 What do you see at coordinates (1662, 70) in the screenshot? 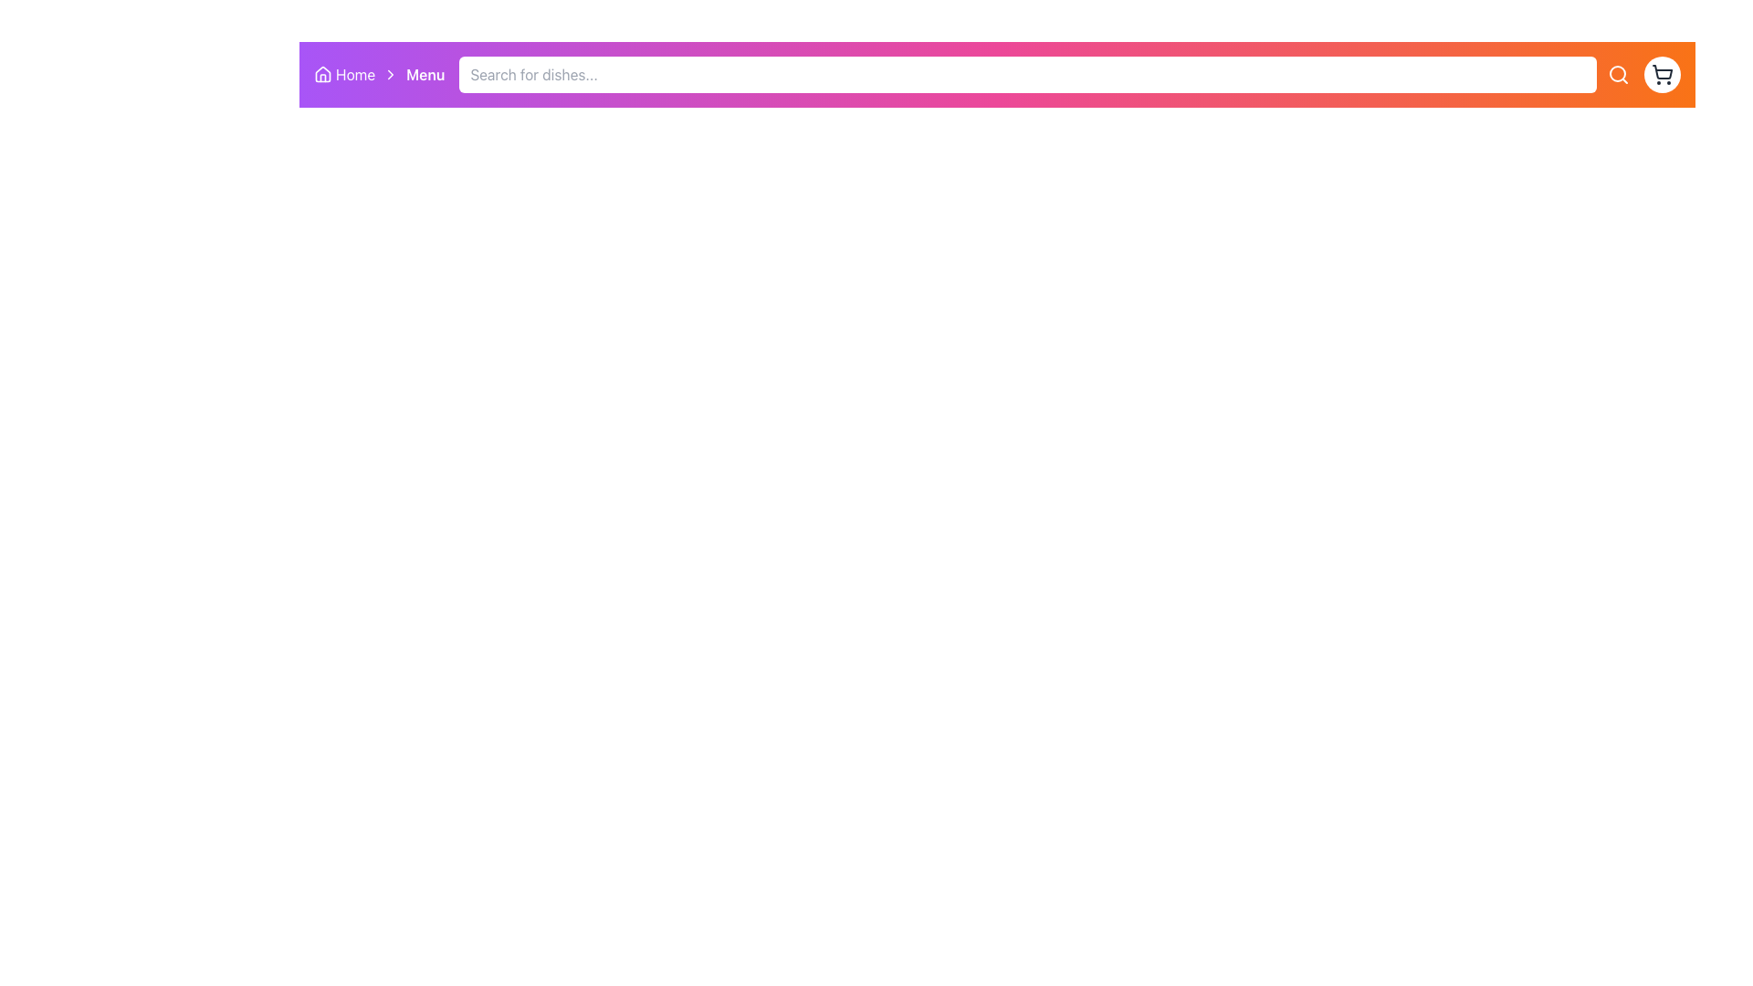
I see `the shopping cart icon located on the far right end of the navigation bar` at bounding box center [1662, 70].